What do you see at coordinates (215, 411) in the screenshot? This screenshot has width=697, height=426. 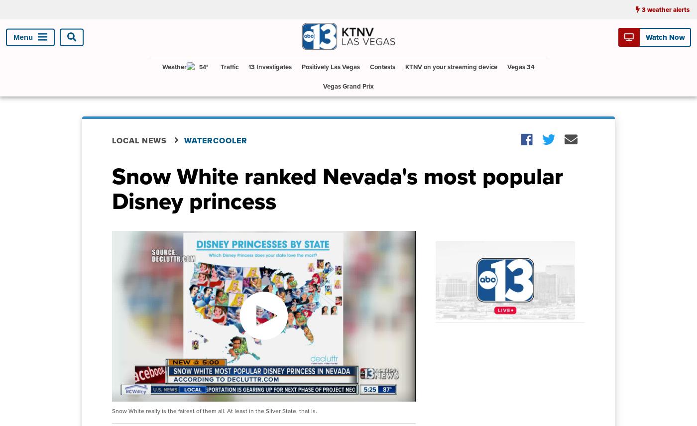 I see `'Snow White really is the fairest of them all. At least in the Silver State, that is.'` at bounding box center [215, 411].